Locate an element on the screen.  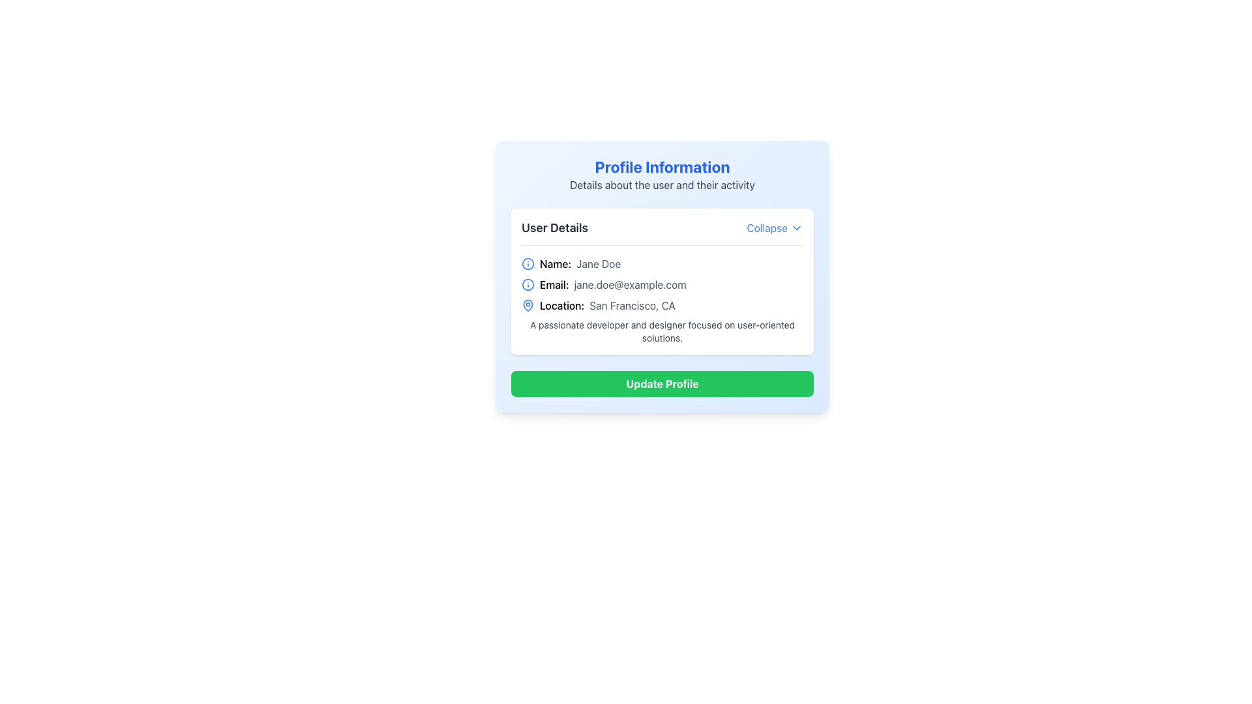
the static text label 'Email:' located in the 'User Details' section, which precedes the email address 'jane.doe@example.com' is located at coordinates (554, 284).